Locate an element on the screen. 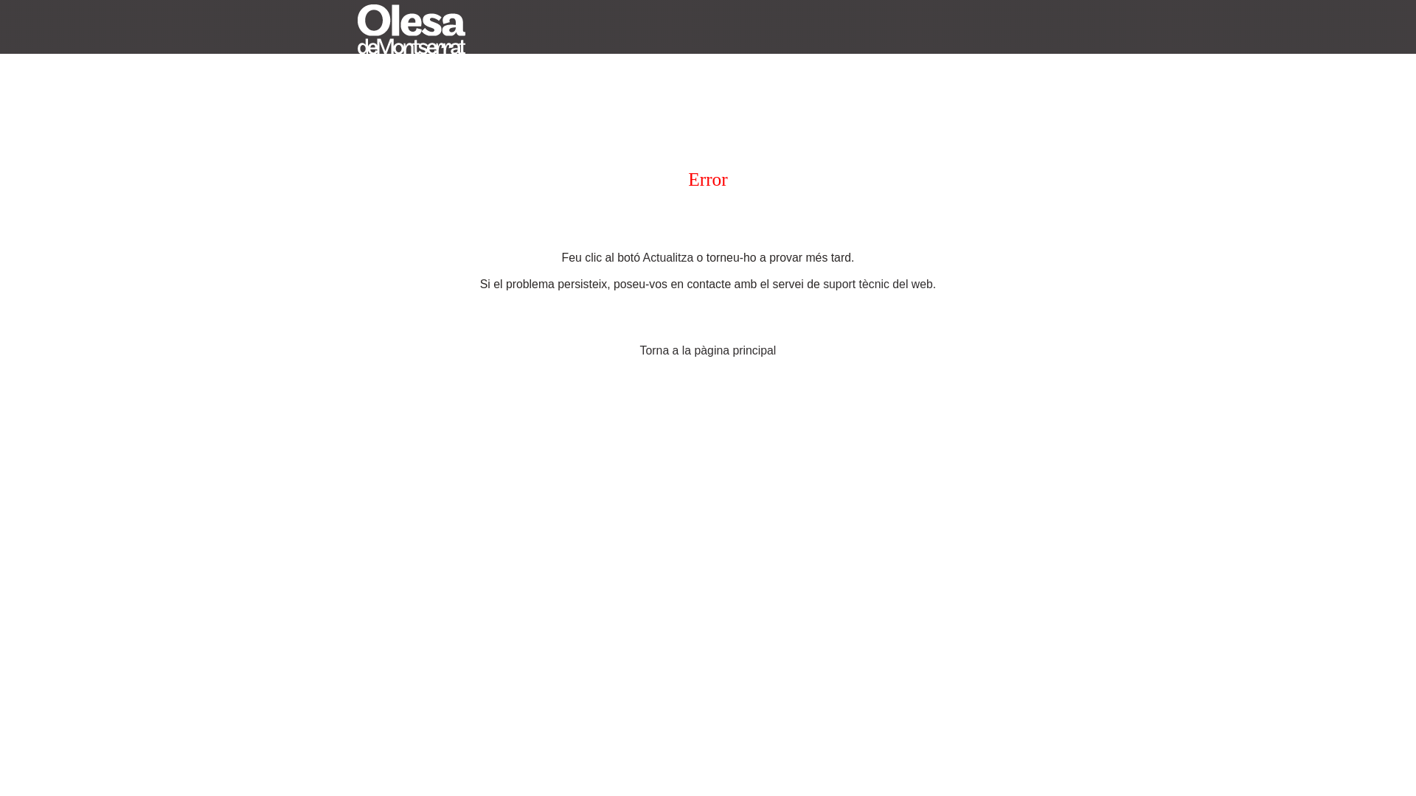 Image resolution: width=1416 pixels, height=796 pixels. 'Actualitza' is located at coordinates (643, 256).